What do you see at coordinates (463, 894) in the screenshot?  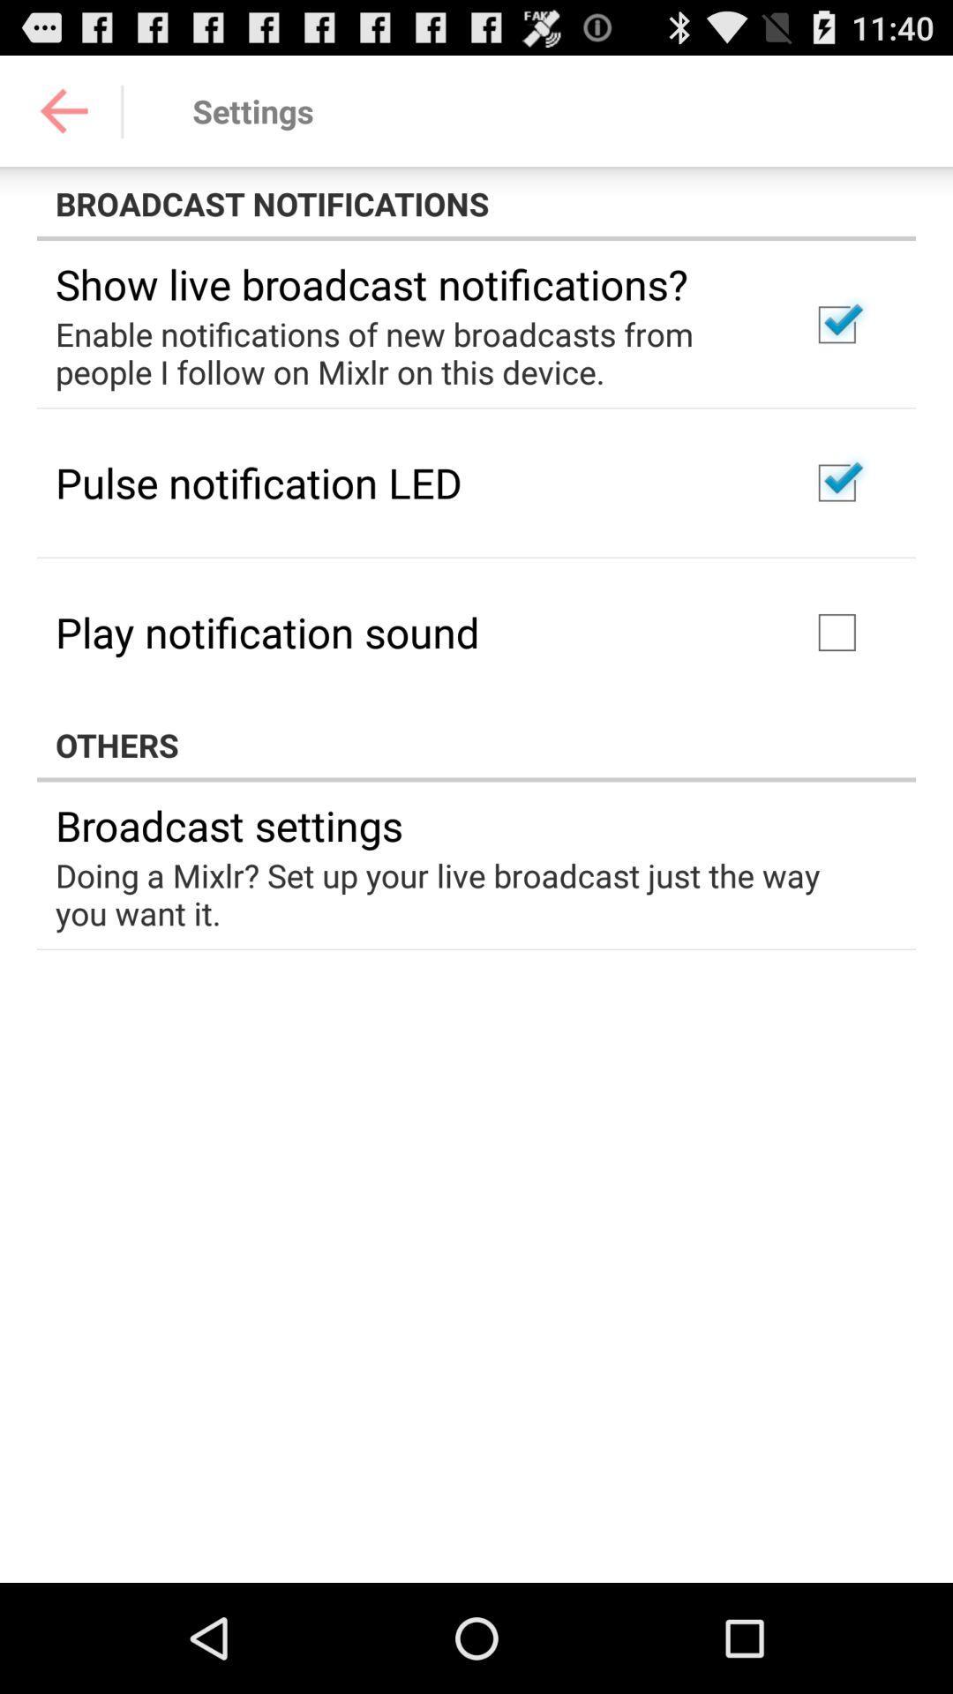 I see `doing a mixlr icon` at bounding box center [463, 894].